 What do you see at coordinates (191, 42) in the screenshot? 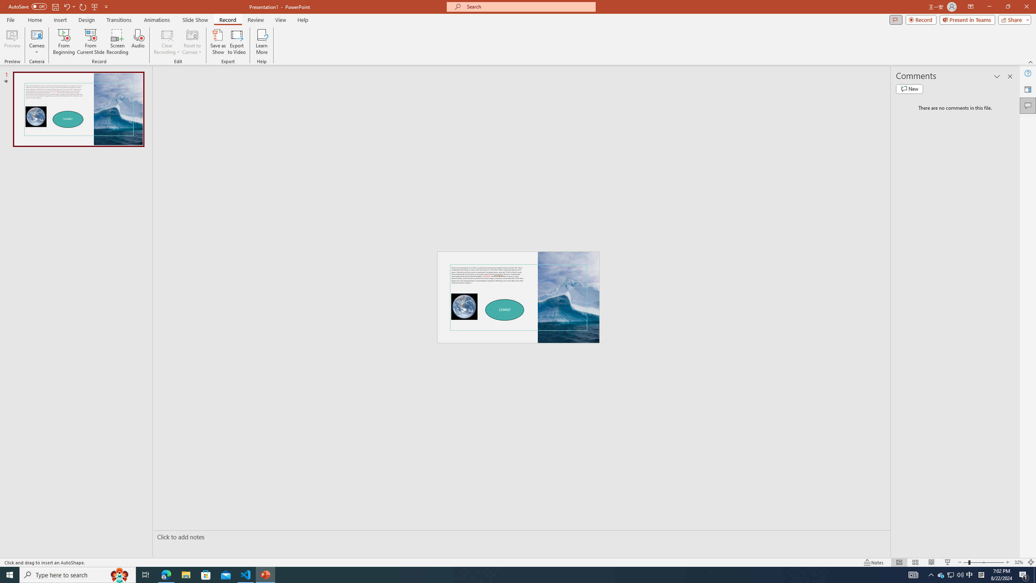
I see `'Reset to Cameo'` at bounding box center [191, 42].